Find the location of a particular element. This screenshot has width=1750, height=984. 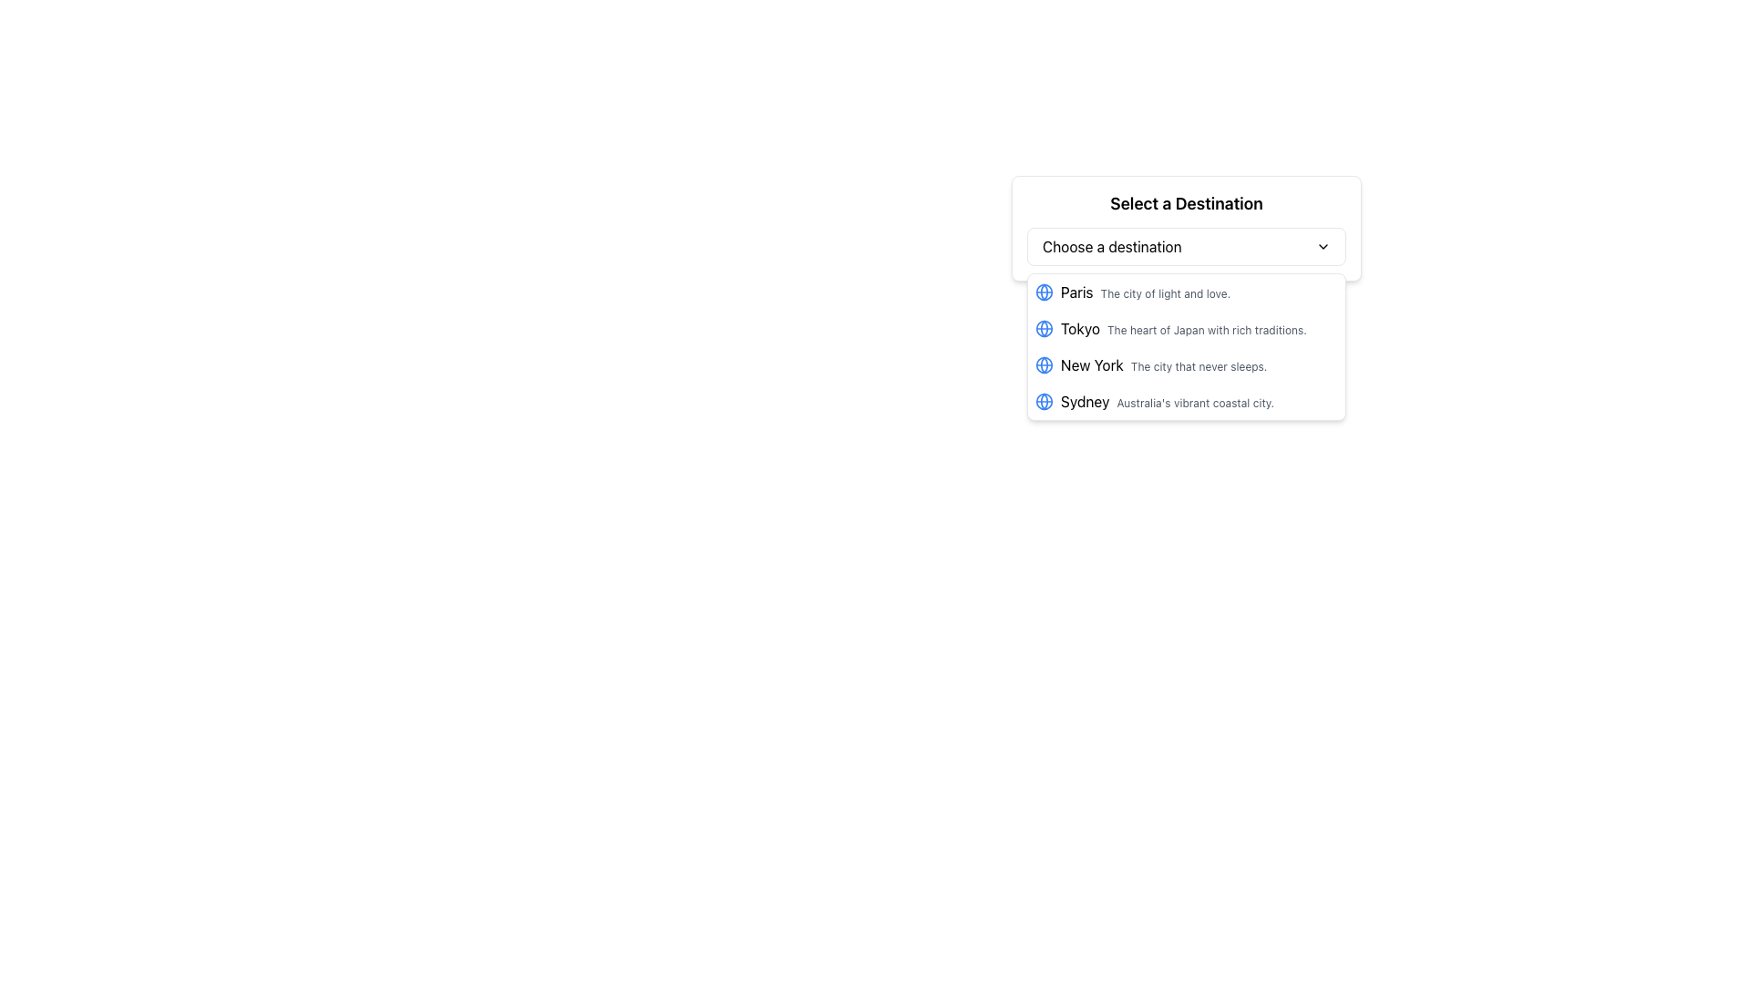

the text item displaying the destination name 'Tokyo' and its description is located at coordinates (1186, 329).